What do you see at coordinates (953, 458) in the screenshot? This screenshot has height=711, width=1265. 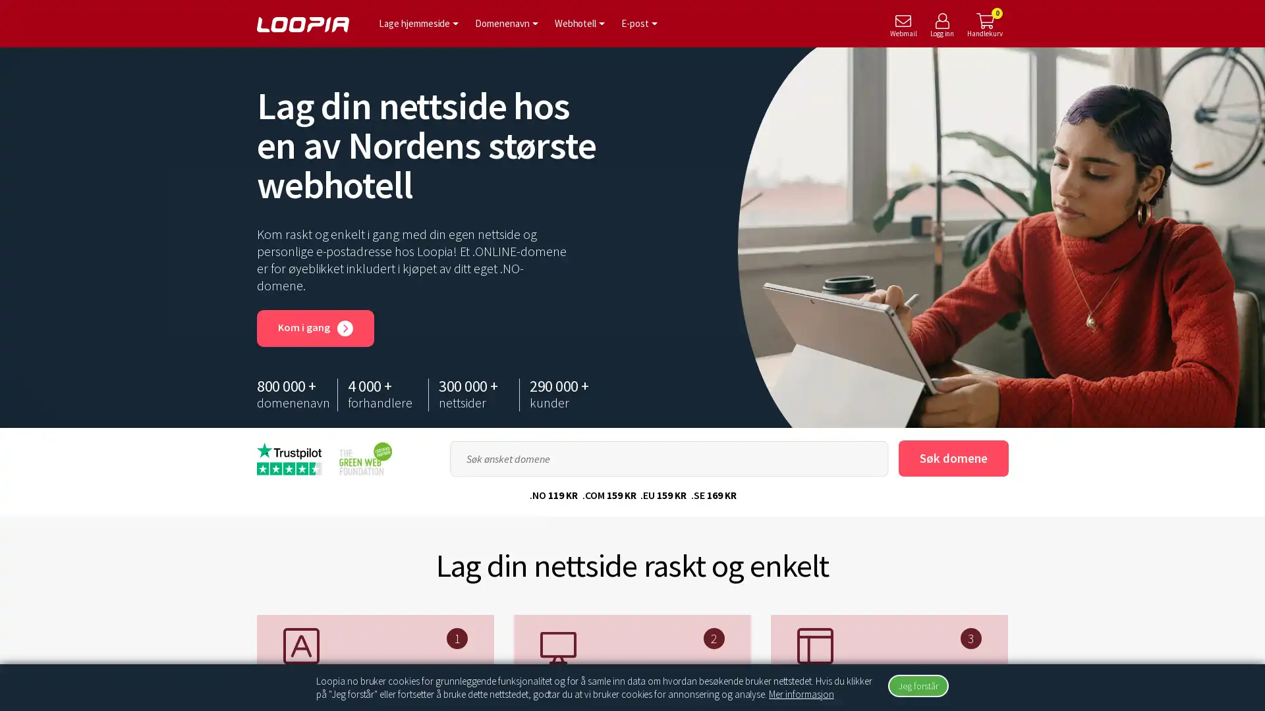 I see `Sk domene` at bounding box center [953, 458].